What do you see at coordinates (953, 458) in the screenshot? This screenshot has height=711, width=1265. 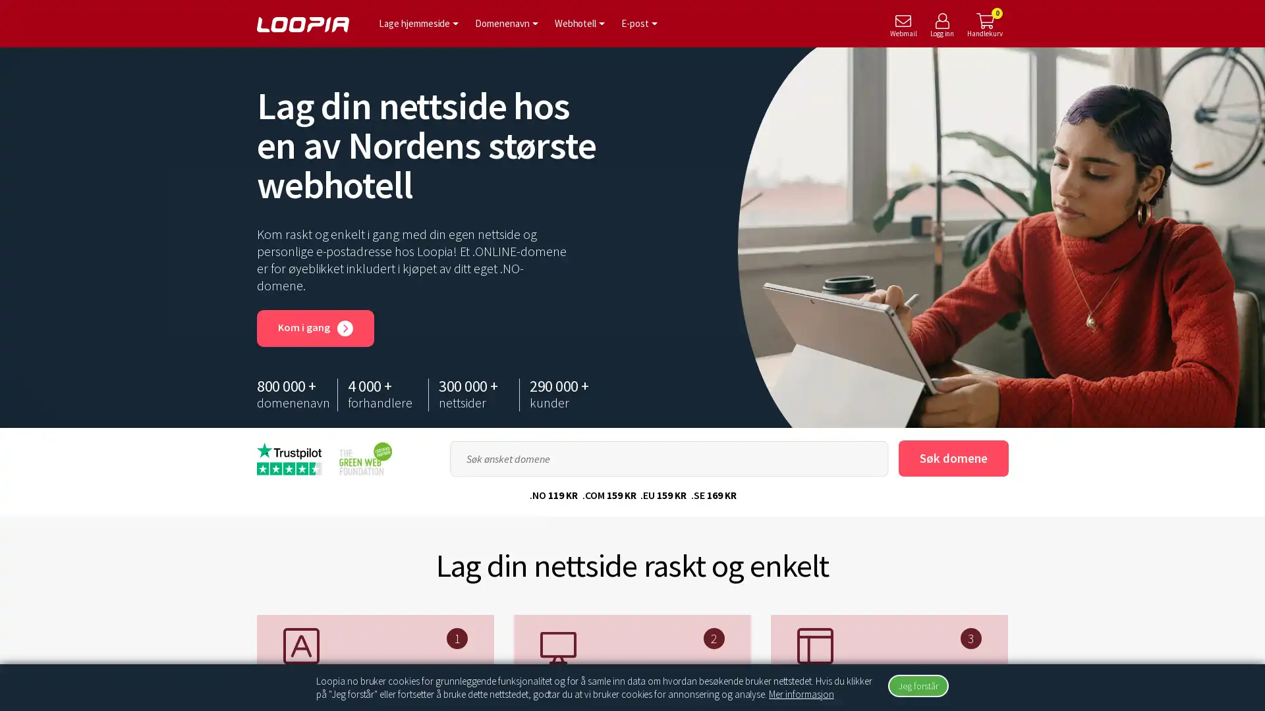 I see `Sk domene` at bounding box center [953, 458].